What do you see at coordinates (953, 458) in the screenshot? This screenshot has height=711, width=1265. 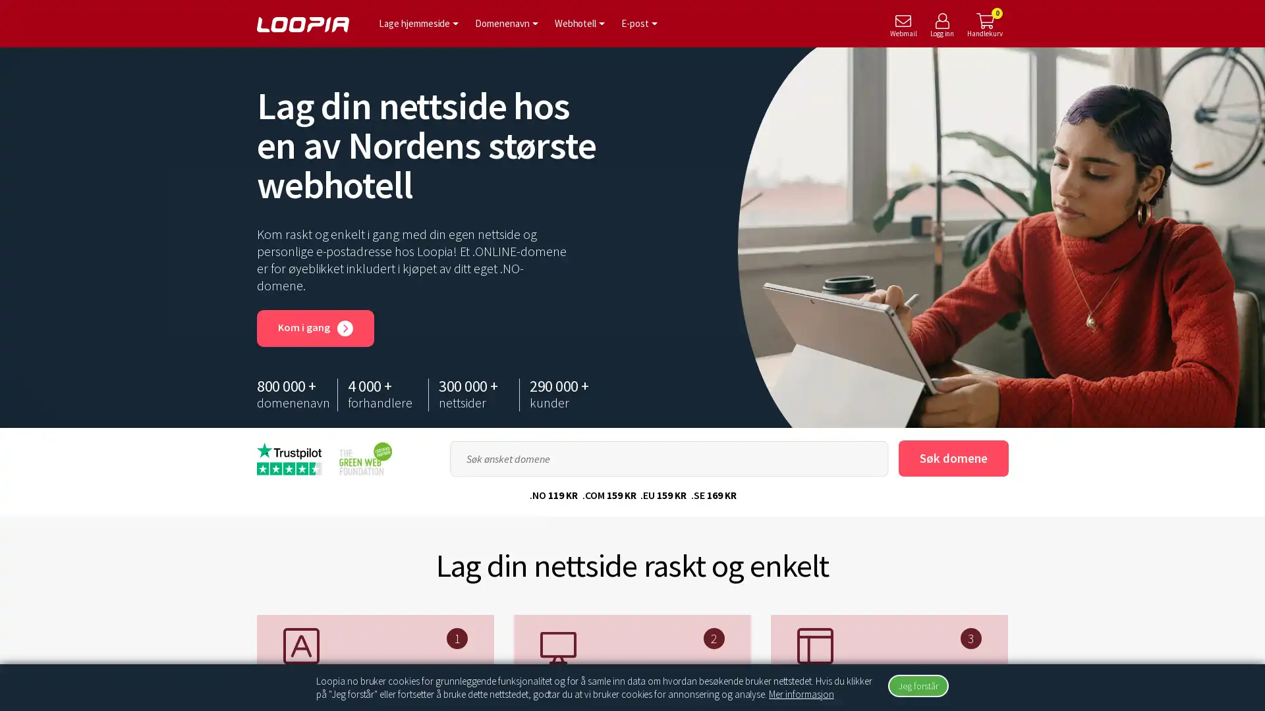 I see `Sk domene` at bounding box center [953, 458].